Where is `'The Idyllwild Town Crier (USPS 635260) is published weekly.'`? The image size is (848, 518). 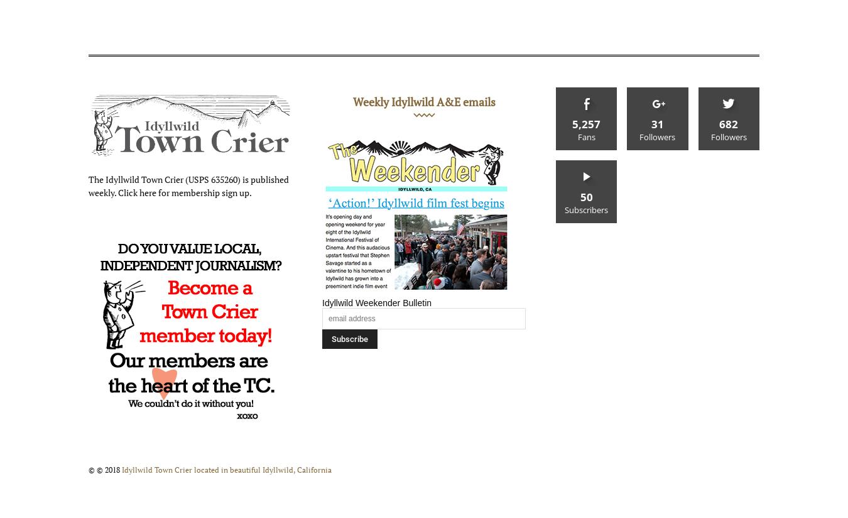
'The Idyllwild Town Crier (USPS 635260) is published weekly.' is located at coordinates (88, 184).